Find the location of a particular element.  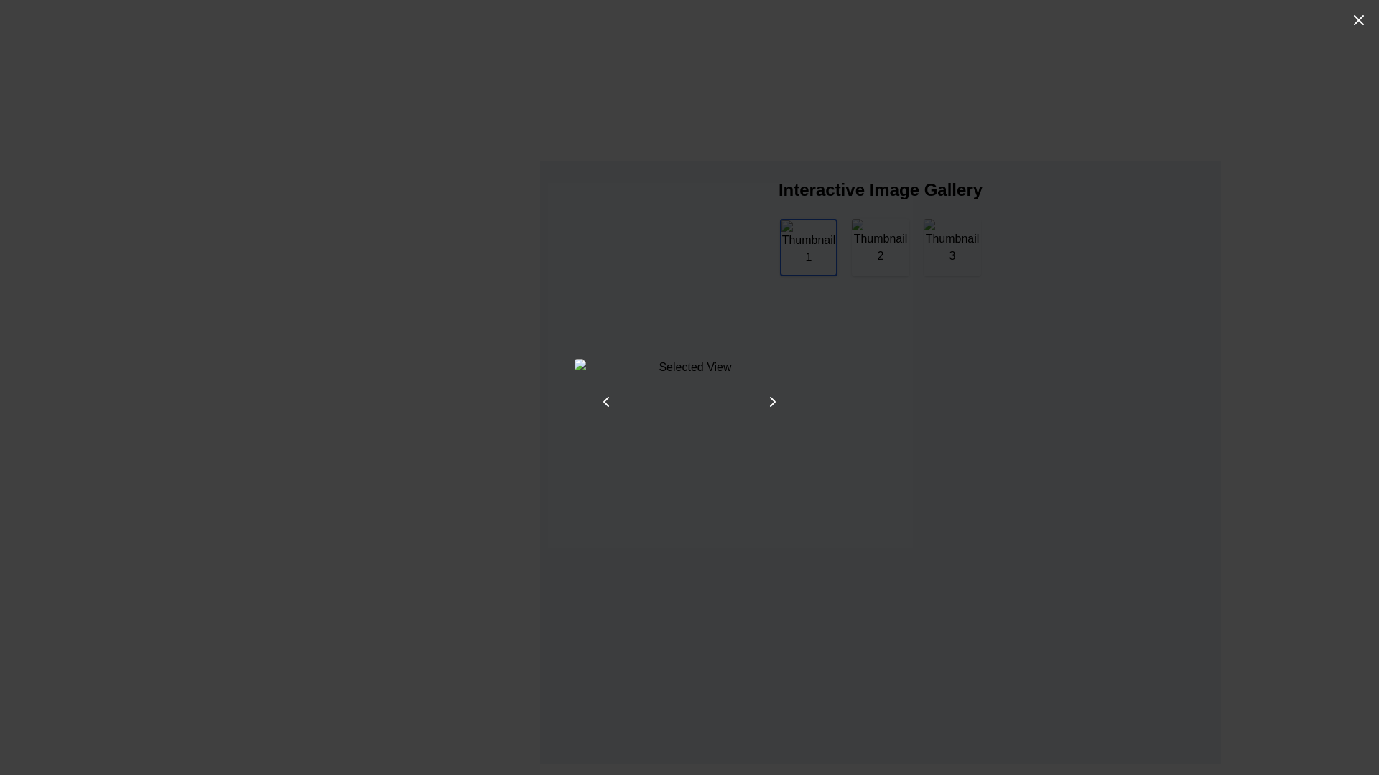

the rightward-facing triangular chevron arrow button, which is part of the navigation controls located below the 'Selected View' image is located at coordinates (771, 401).